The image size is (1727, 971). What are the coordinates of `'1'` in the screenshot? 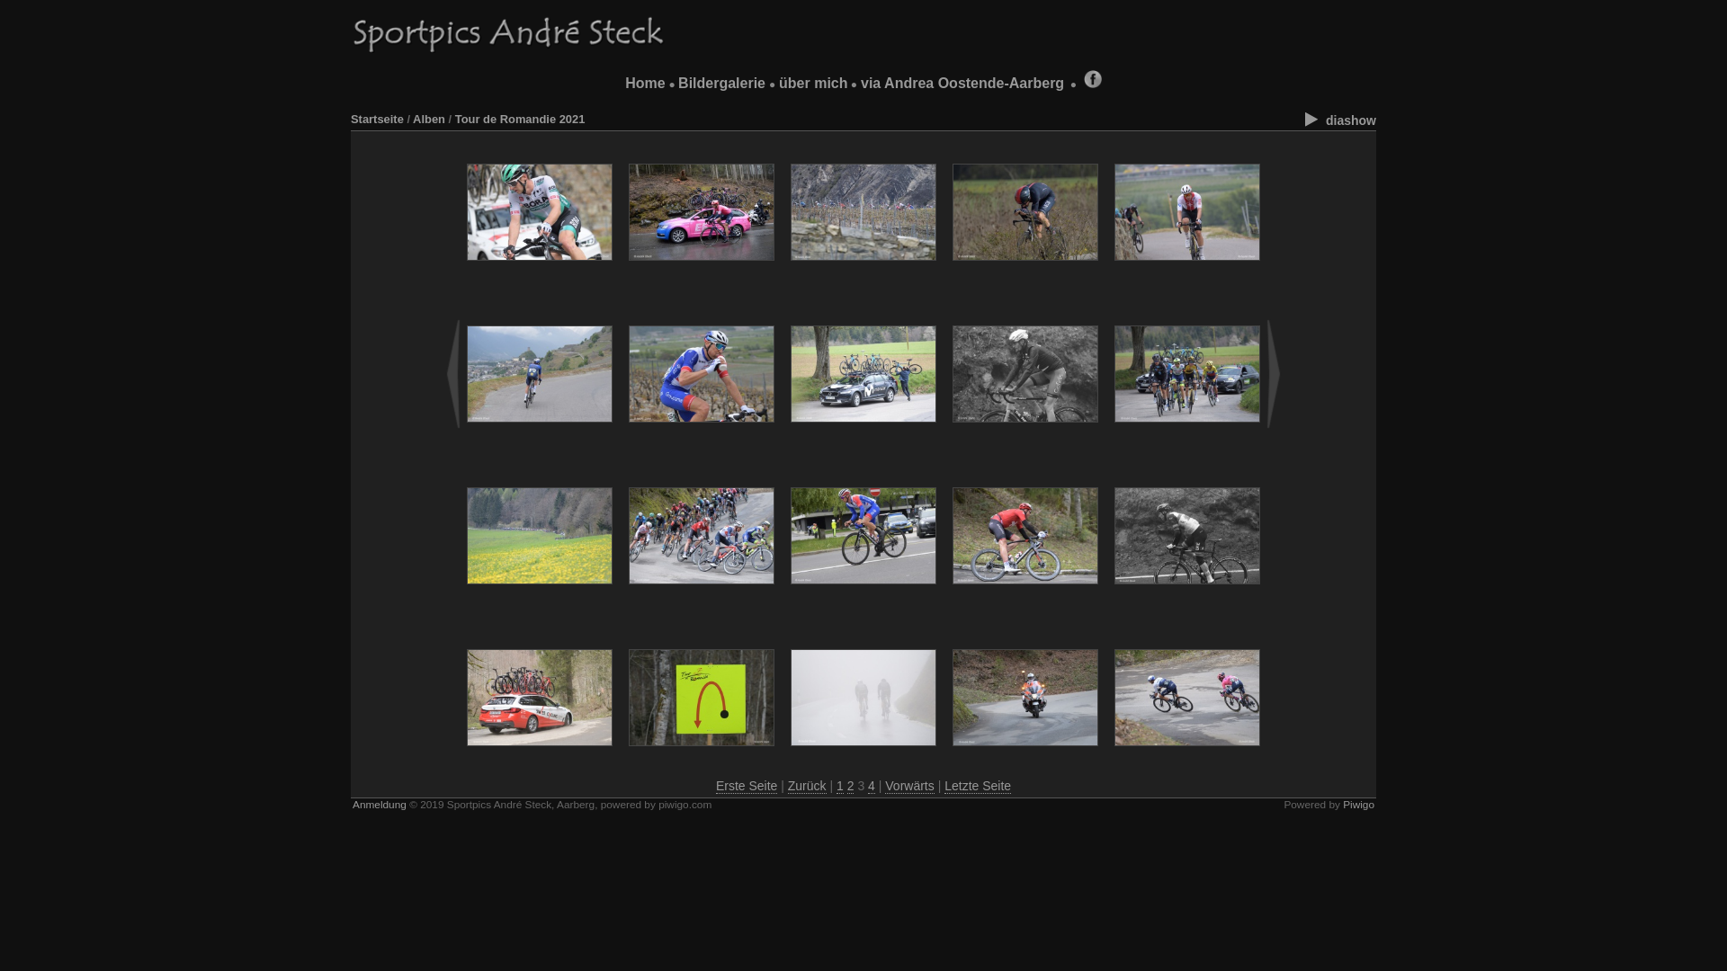 It's located at (839, 785).